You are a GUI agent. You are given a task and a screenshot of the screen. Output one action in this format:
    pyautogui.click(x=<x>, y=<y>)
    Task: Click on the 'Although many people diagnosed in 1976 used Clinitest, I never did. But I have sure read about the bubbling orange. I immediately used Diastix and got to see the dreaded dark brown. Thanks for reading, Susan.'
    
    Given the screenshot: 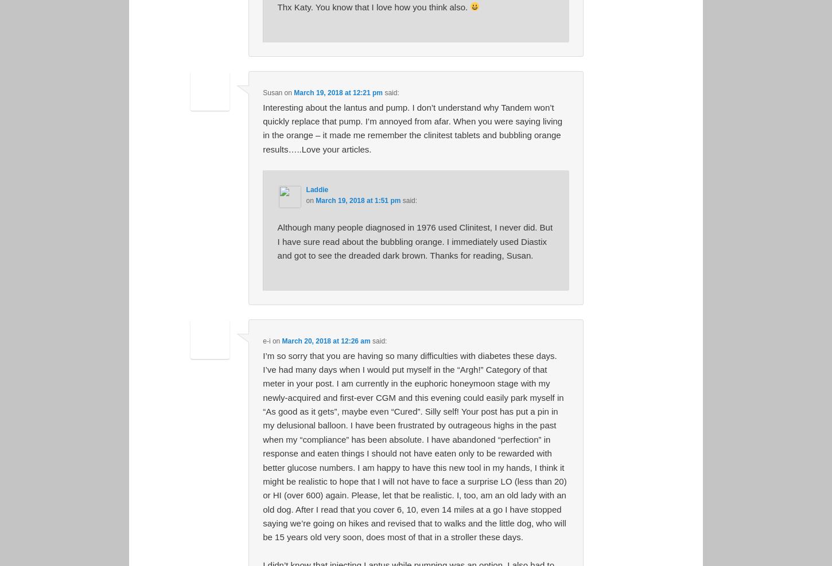 What is the action you would take?
    pyautogui.click(x=414, y=241)
    